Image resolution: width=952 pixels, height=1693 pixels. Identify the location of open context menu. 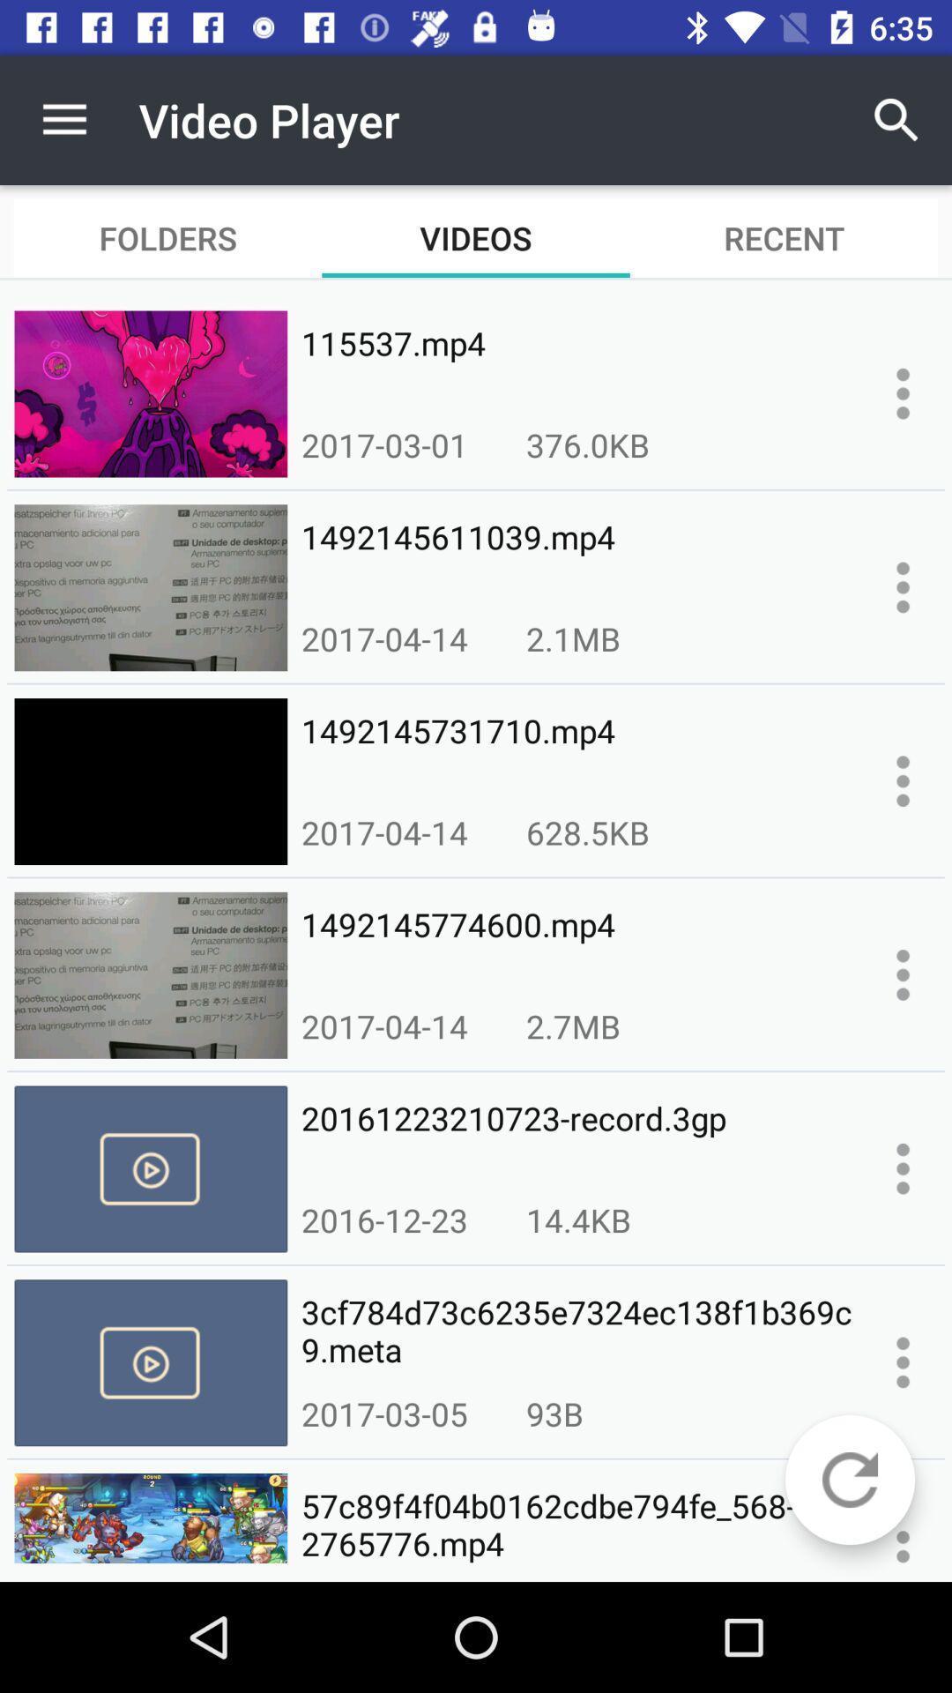
(903, 780).